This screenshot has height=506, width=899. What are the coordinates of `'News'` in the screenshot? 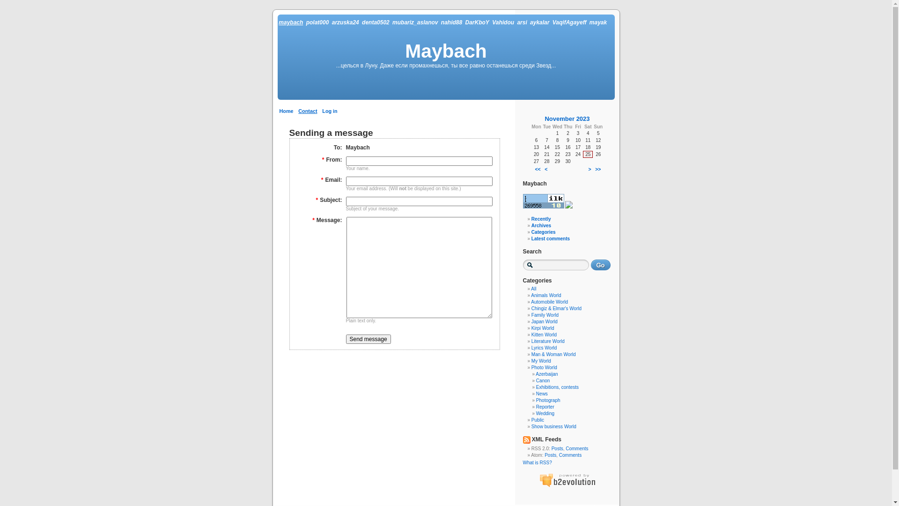 It's located at (542, 394).